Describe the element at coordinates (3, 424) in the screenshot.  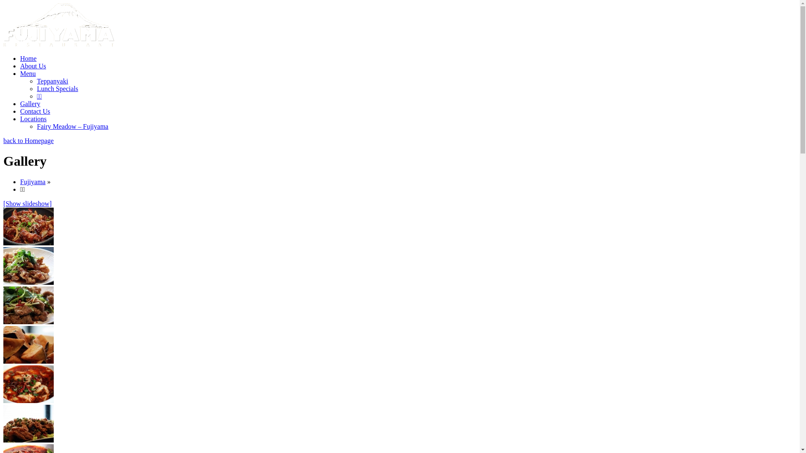
I see `'Garlic-Pork-Ribs'` at that location.